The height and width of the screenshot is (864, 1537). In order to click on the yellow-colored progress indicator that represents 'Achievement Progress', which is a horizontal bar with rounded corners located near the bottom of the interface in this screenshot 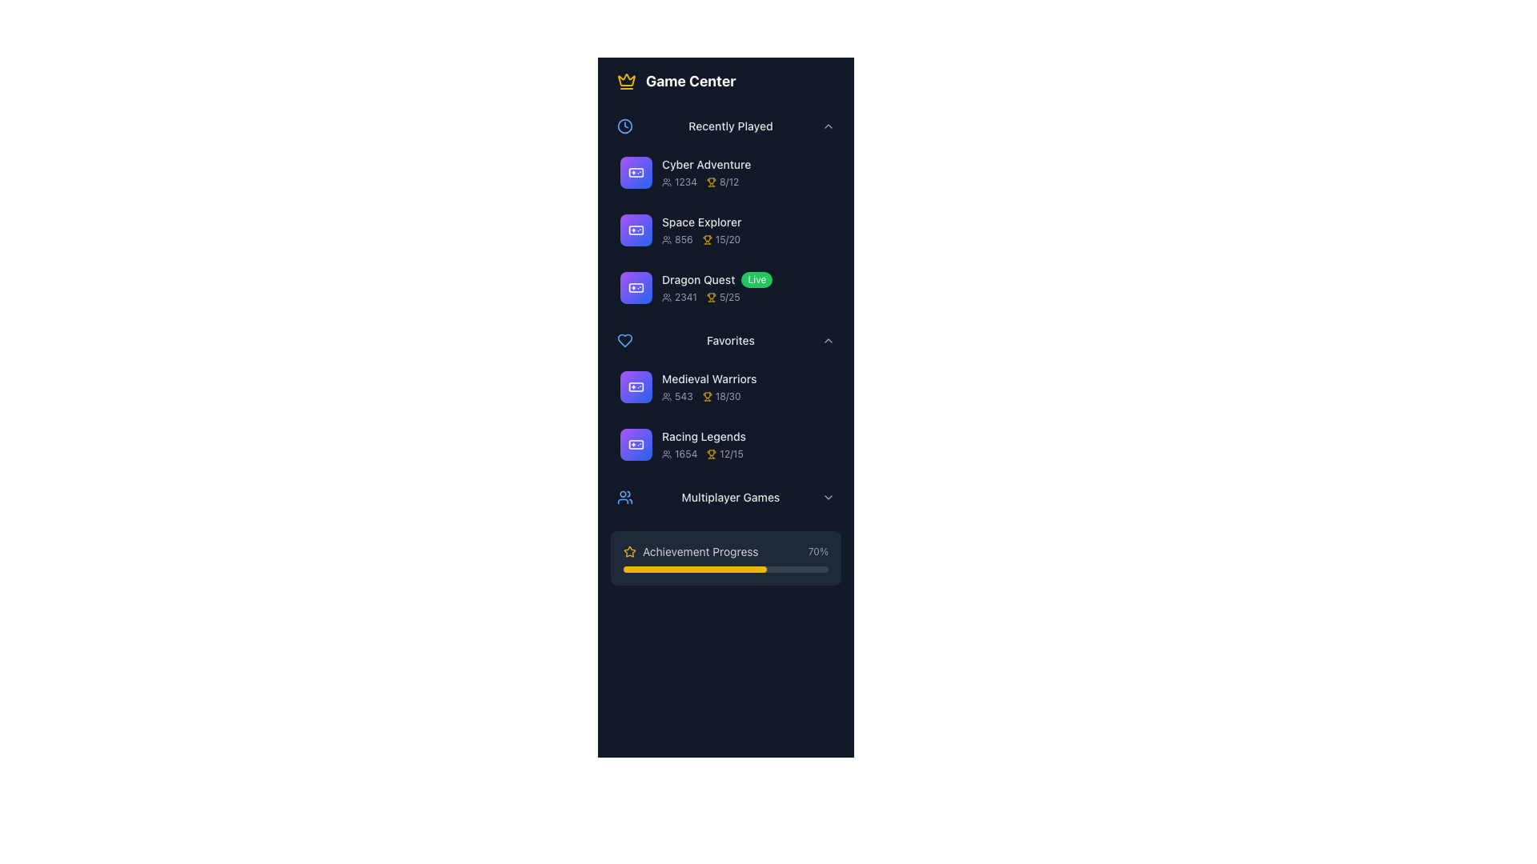, I will do `click(695, 569)`.